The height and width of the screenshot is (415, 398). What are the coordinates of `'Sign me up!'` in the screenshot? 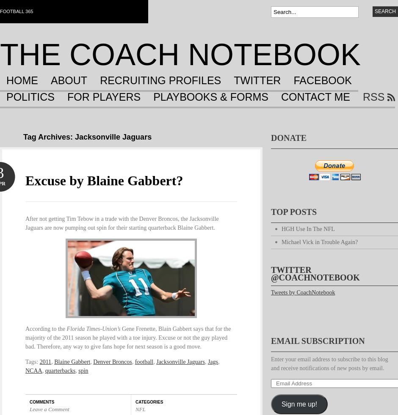 It's located at (299, 404).